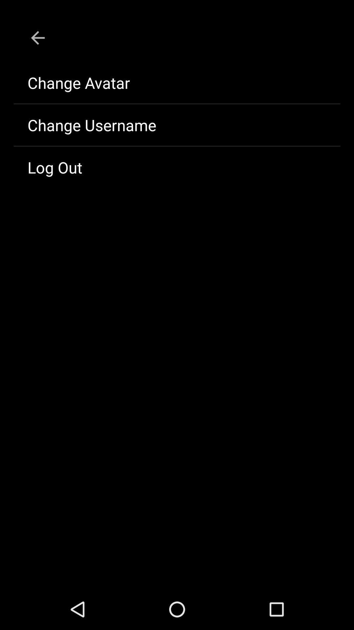 The height and width of the screenshot is (630, 354). What do you see at coordinates (177, 82) in the screenshot?
I see `the change avatar` at bounding box center [177, 82].